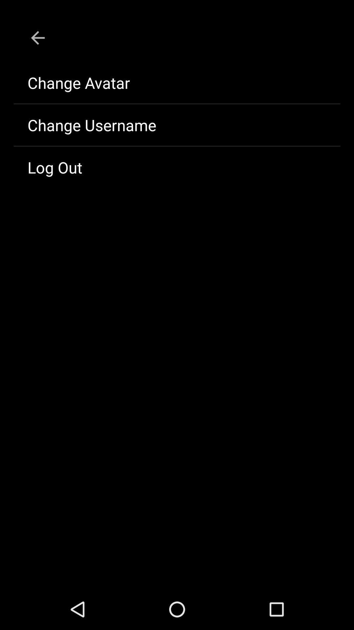 The height and width of the screenshot is (630, 354). What do you see at coordinates (177, 82) in the screenshot?
I see `the change avatar` at bounding box center [177, 82].